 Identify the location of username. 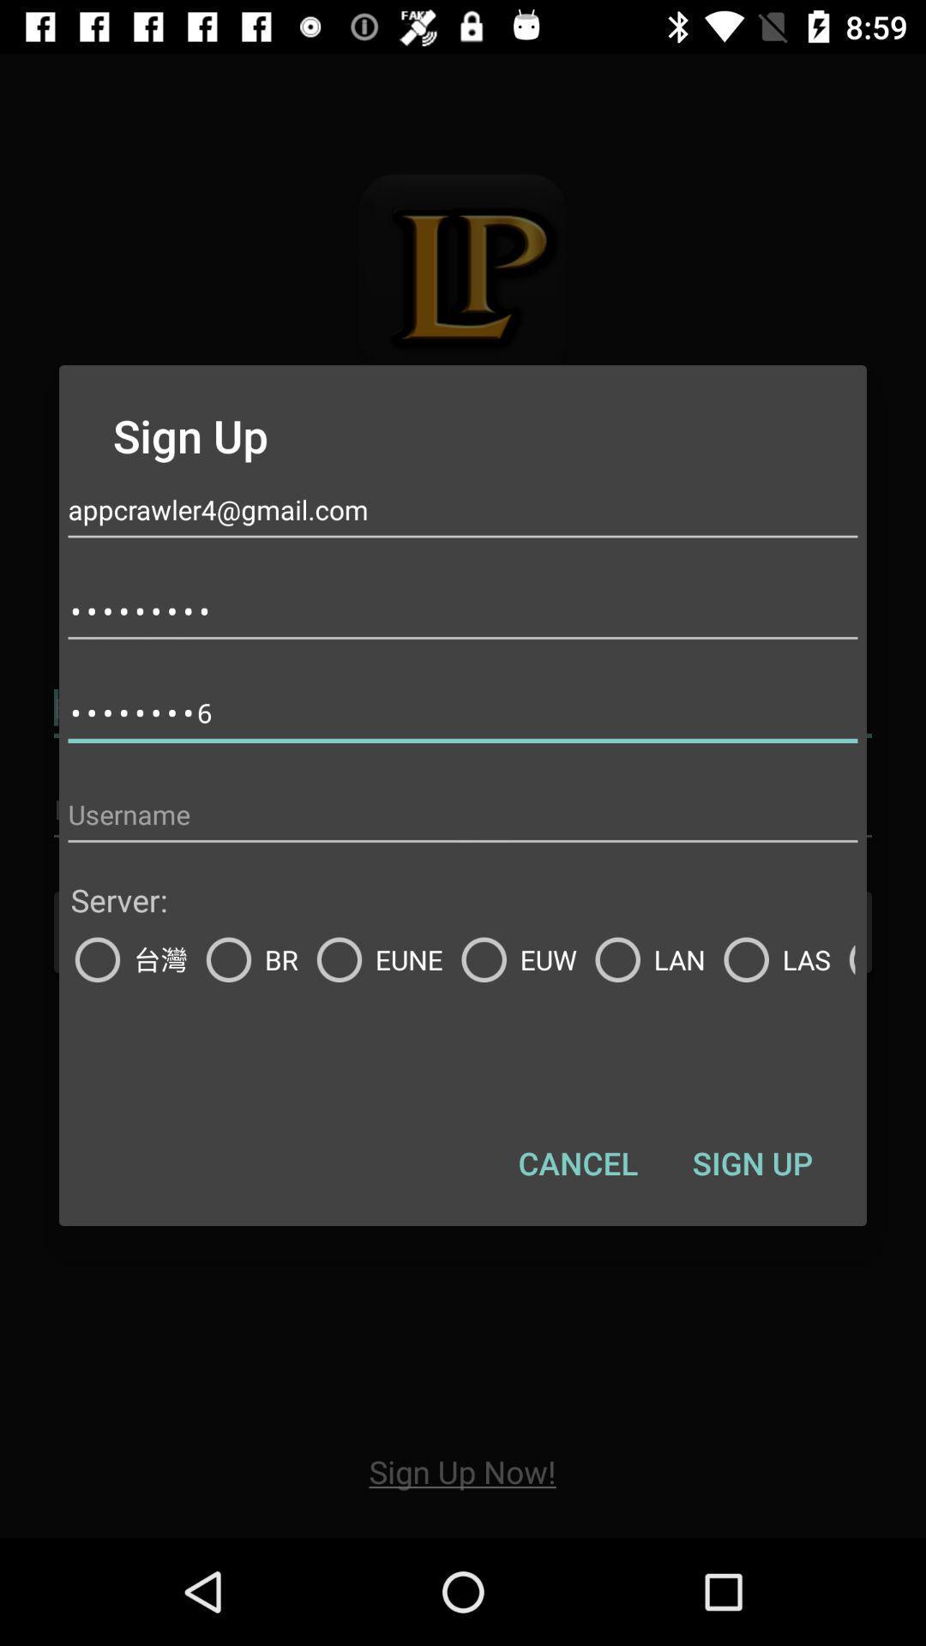
(463, 814).